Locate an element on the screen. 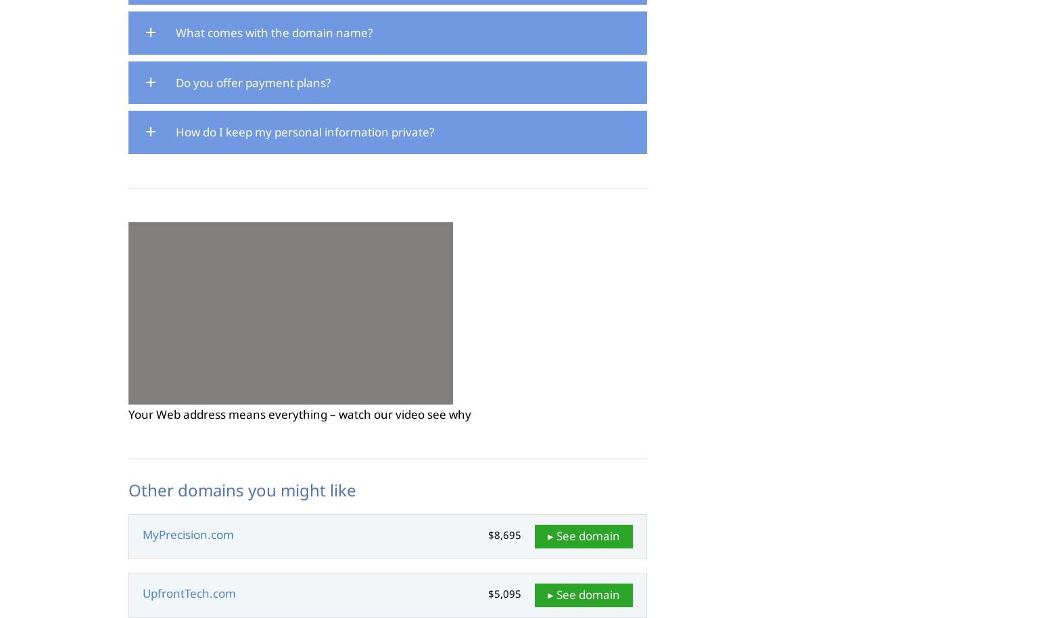 The image size is (1048, 618). 'UpfrontTech.com' is located at coordinates (189, 592).